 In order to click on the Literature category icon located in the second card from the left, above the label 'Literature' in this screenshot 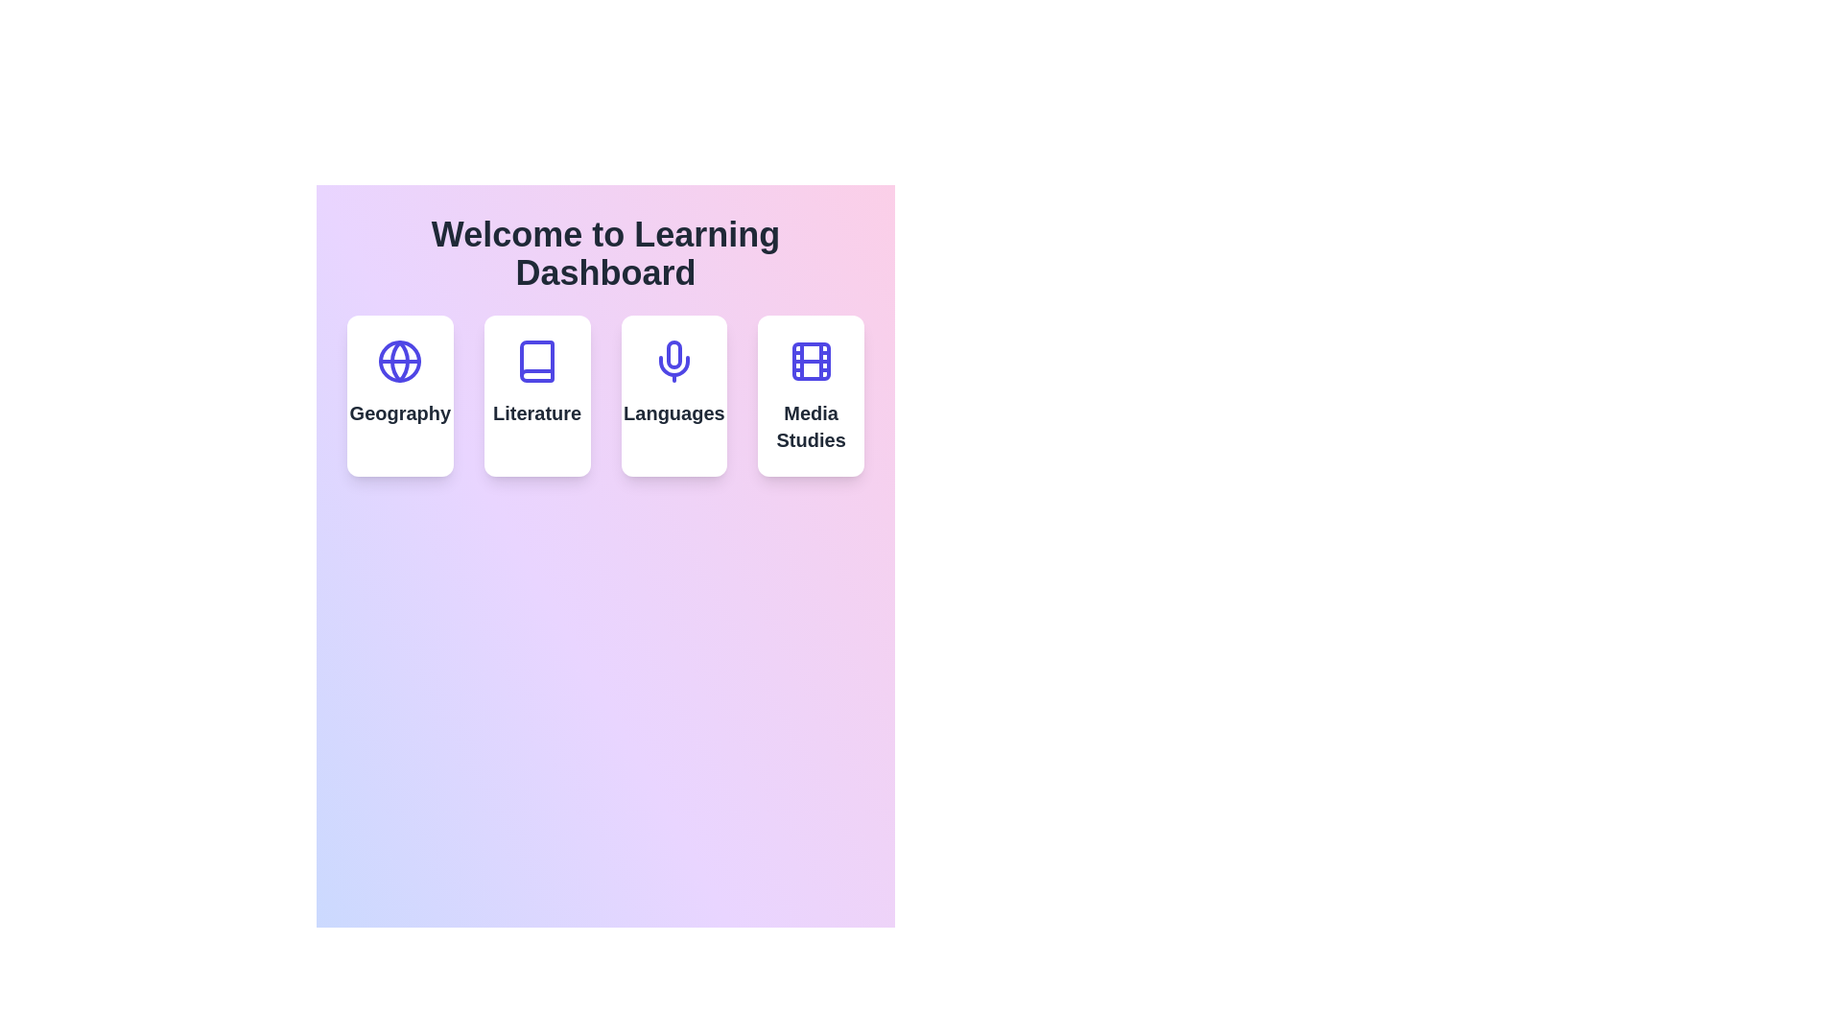, I will do `click(537, 362)`.